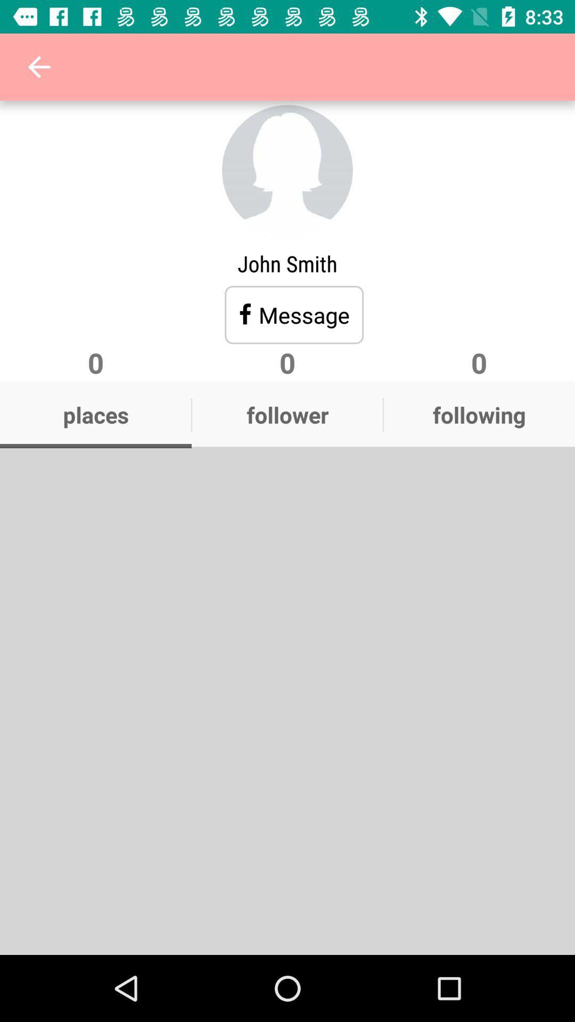 This screenshot has width=575, height=1022. Describe the element at coordinates (287, 414) in the screenshot. I see `the icon next to places icon` at that location.